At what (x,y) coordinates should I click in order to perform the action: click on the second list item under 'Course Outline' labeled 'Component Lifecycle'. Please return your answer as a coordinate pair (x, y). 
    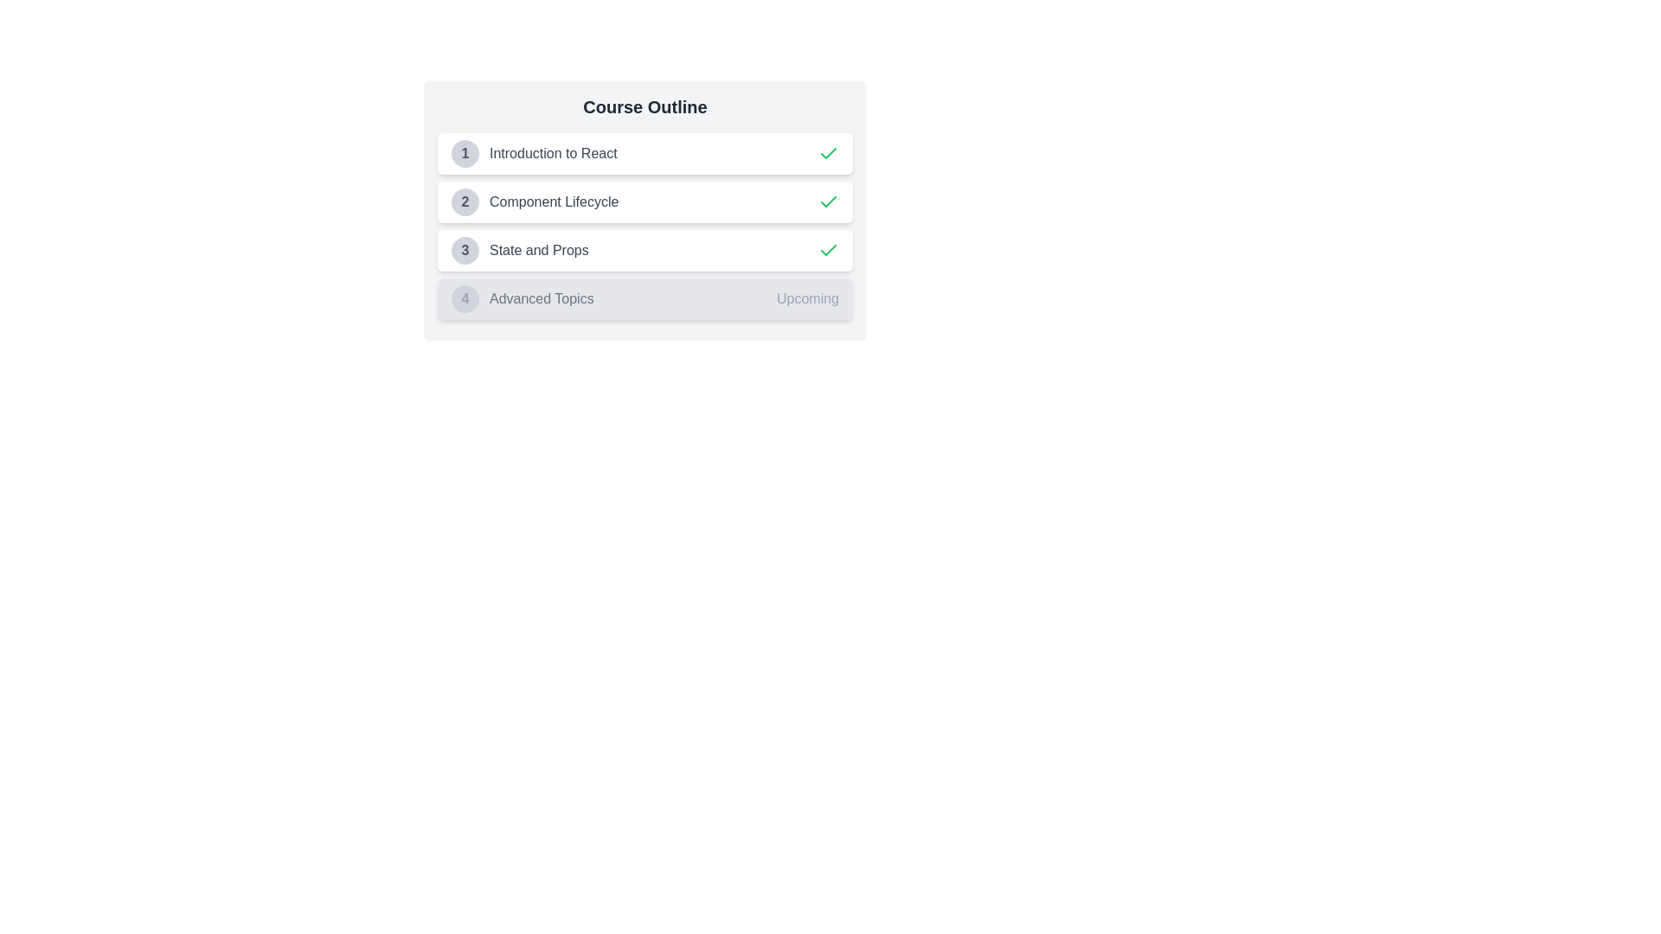
    Looking at the image, I should click on (644, 202).